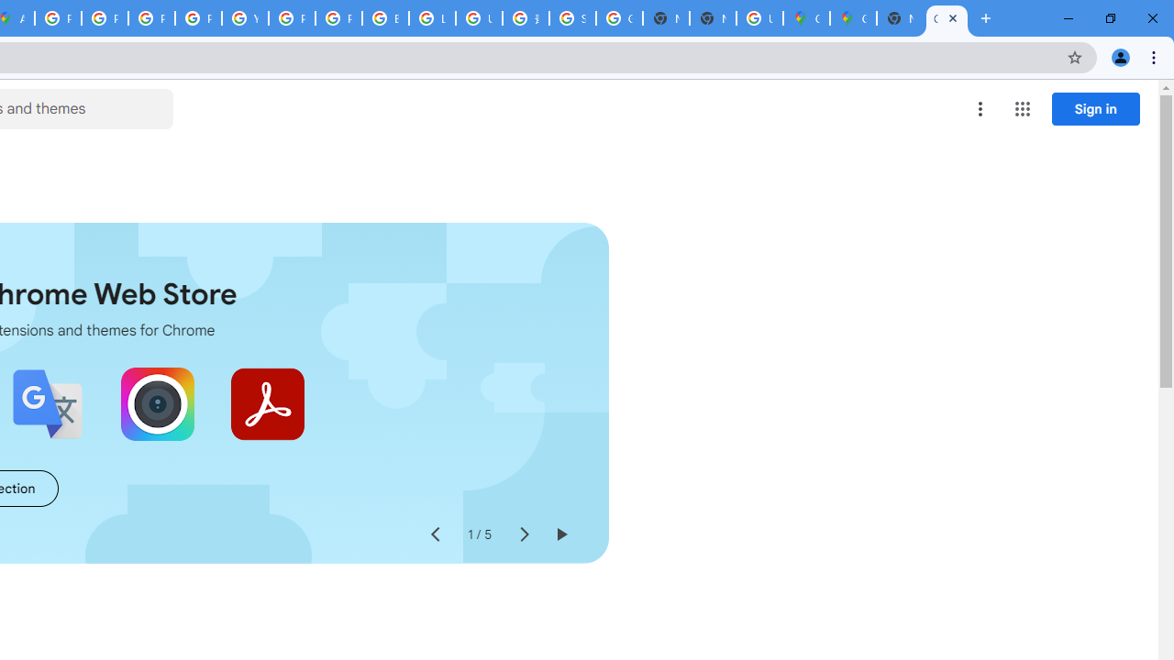  What do you see at coordinates (900, 18) in the screenshot?
I see `'New Tab'` at bounding box center [900, 18].